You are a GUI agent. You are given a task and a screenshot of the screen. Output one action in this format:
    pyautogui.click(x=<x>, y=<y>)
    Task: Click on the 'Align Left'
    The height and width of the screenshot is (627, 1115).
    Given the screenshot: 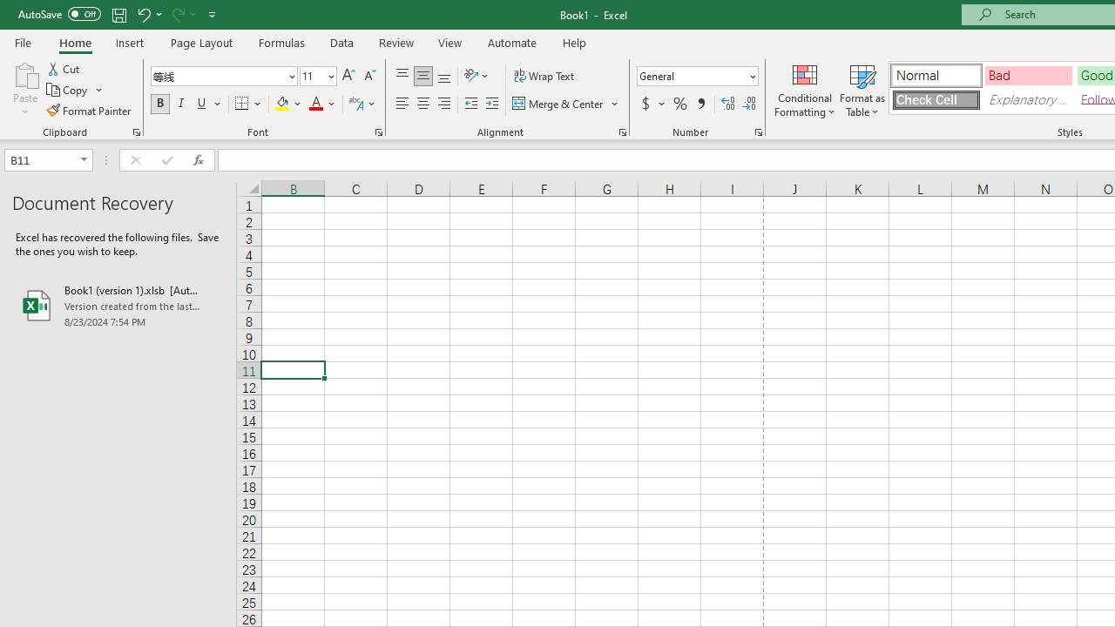 What is the action you would take?
    pyautogui.click(x=402, y=104)
    